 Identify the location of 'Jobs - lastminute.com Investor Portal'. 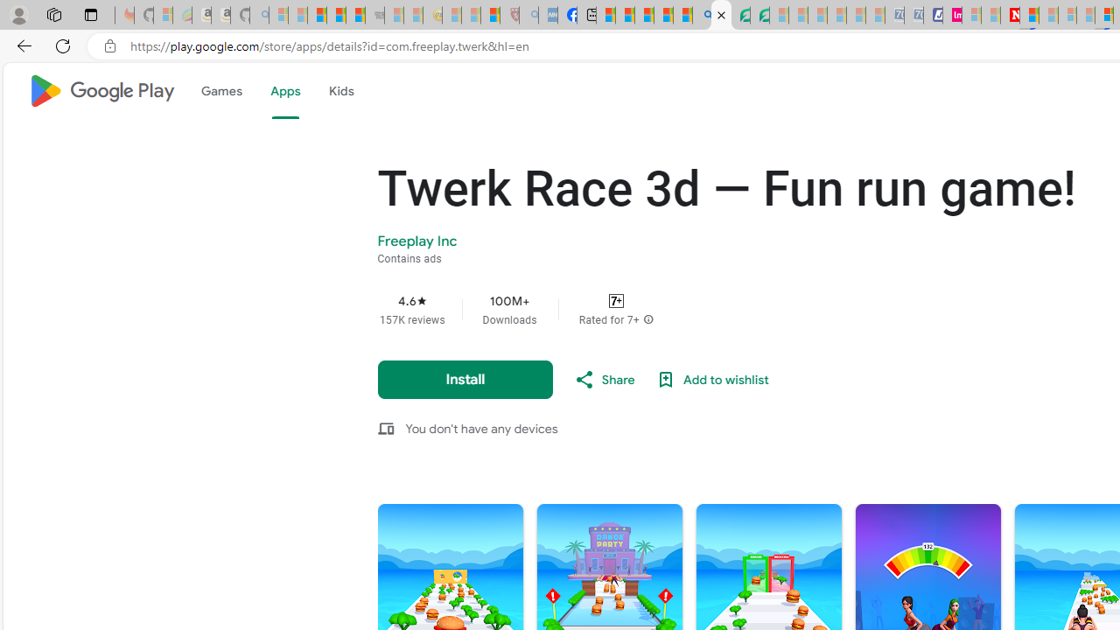
(951, 15).